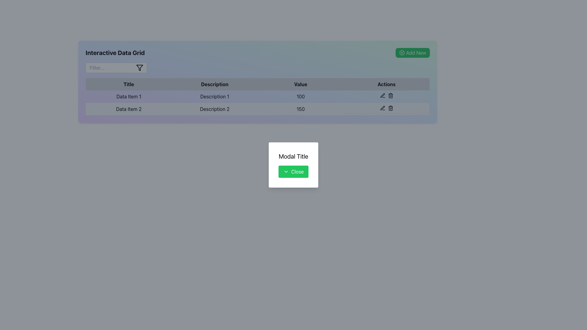  What do you see at coordinates (301, 96) in the screenshot?
I see `the Text Display element that shows the value '100', which is the third cell in the first row of the Interactive Data Grid` at bounding box center [301, 96].